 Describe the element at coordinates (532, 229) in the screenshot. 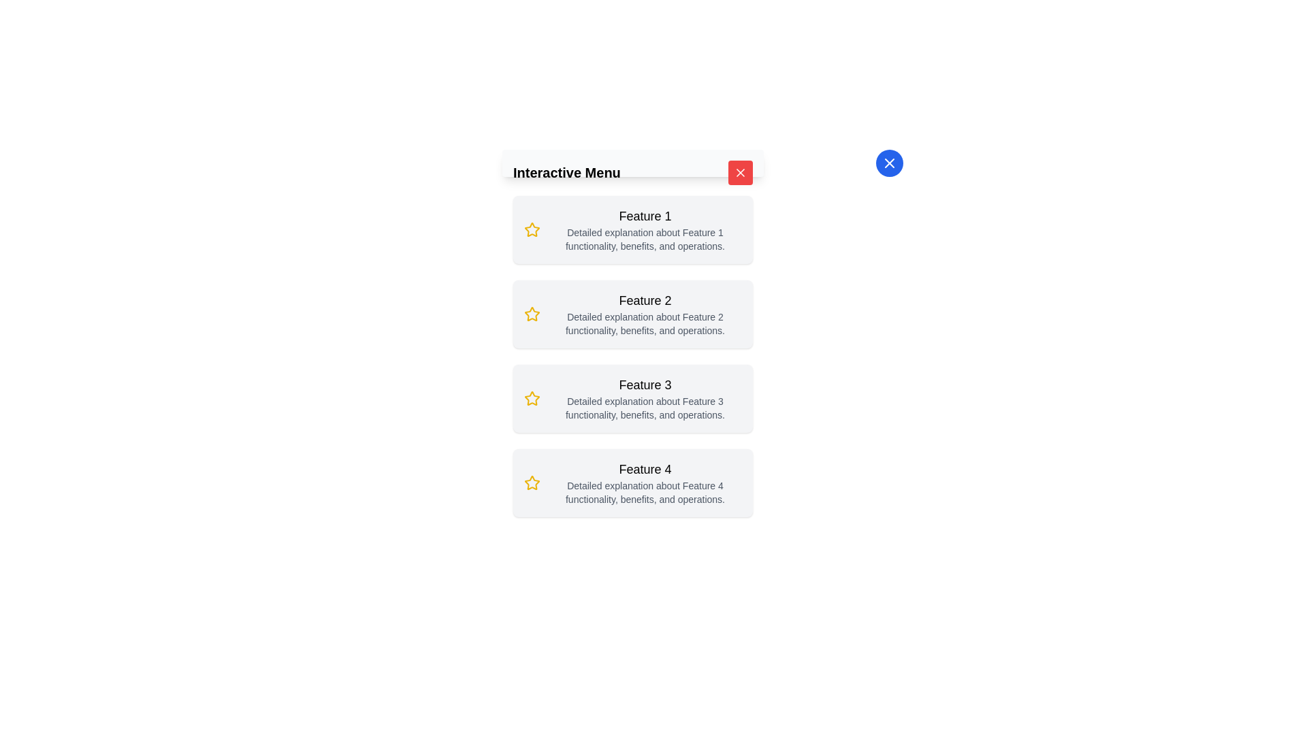

I see `the icon located in the first feature card next to the title 'Feature 1'` at that location.